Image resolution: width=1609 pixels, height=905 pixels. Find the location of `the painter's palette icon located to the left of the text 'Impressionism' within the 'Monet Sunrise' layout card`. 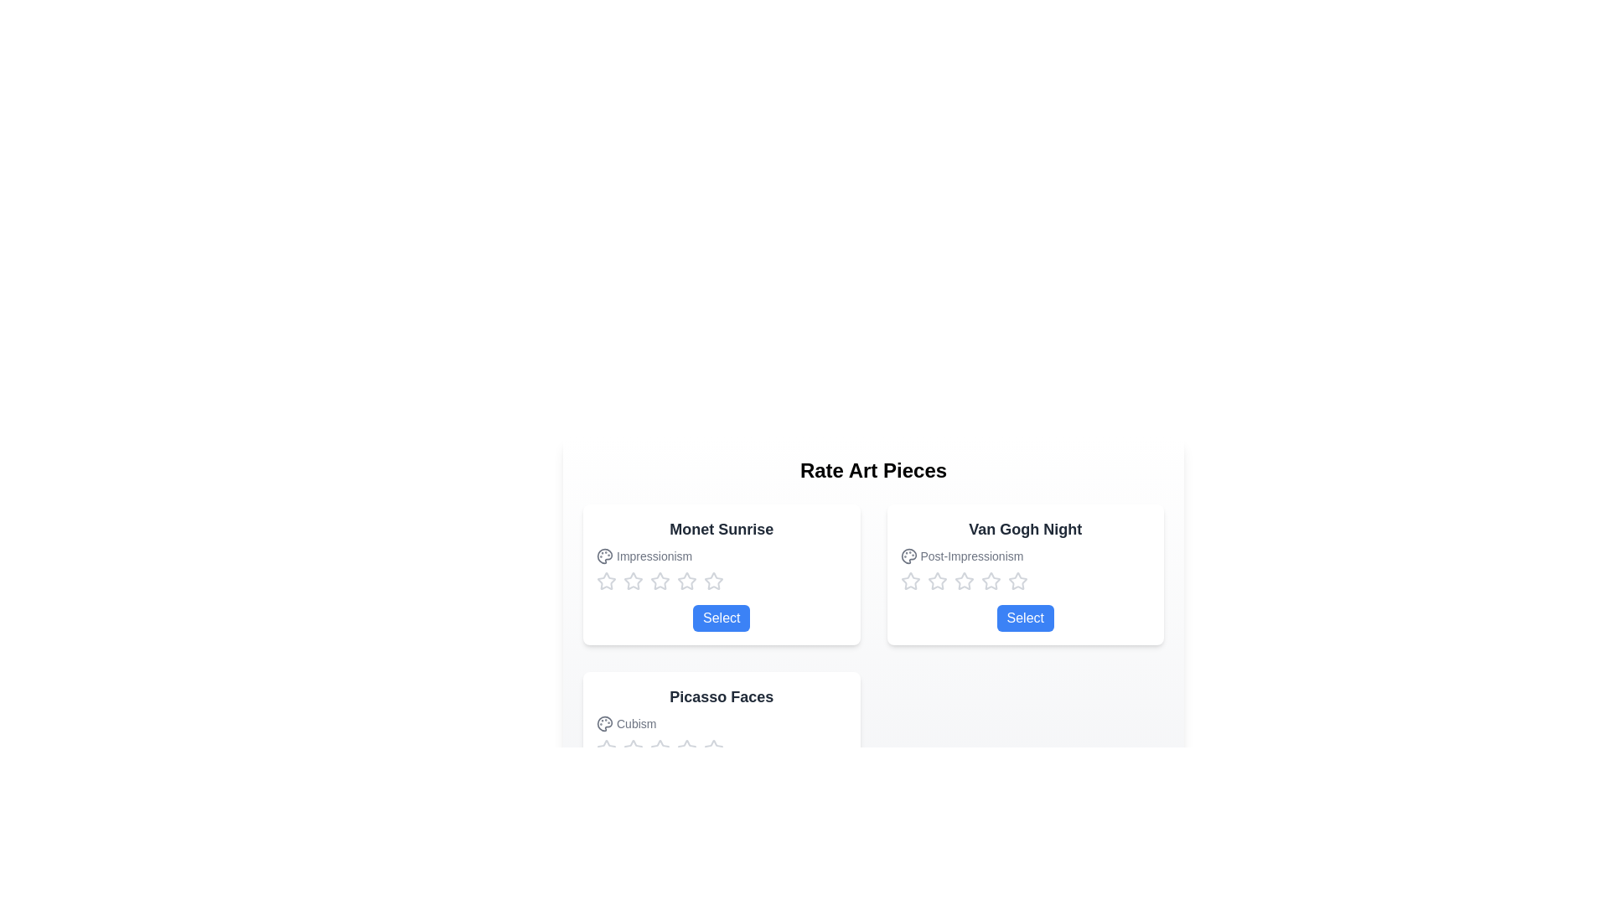

the painter's palette icon located to the left of the text 'Impressionism' within the 'Monet Sunrise' layout card is located at coordinates (603, 556).